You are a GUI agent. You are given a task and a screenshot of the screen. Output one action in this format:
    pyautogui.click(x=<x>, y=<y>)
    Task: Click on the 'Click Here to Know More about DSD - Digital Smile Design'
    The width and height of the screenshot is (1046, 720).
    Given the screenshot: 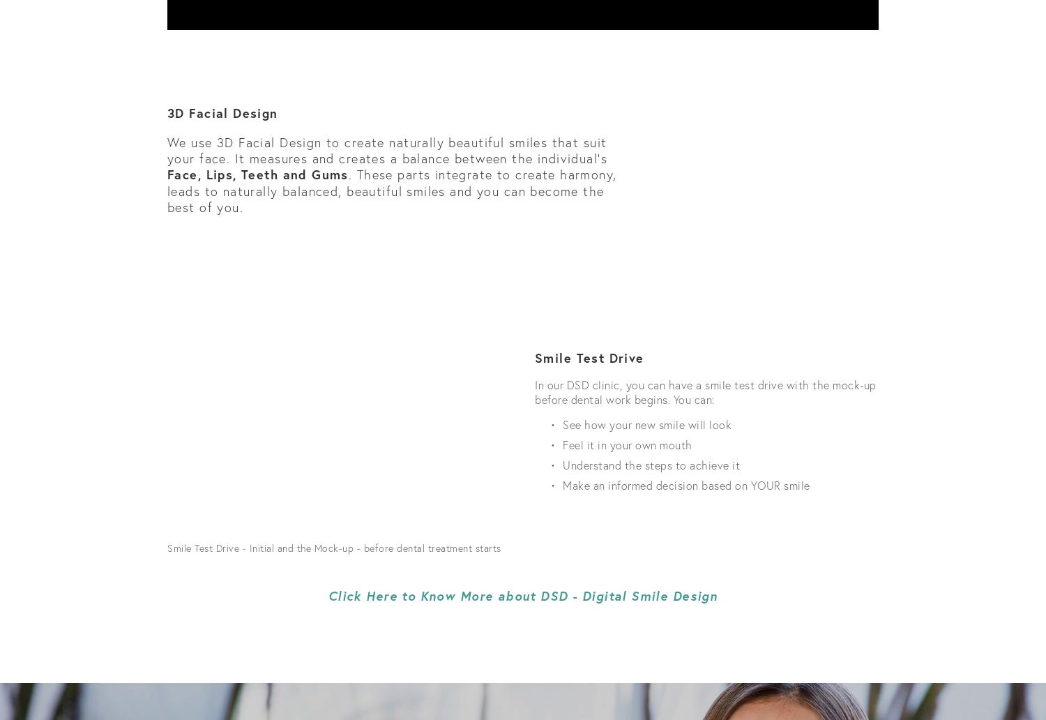 What is the action you would take?
    pyautogui.click(x=522, y=595)
    